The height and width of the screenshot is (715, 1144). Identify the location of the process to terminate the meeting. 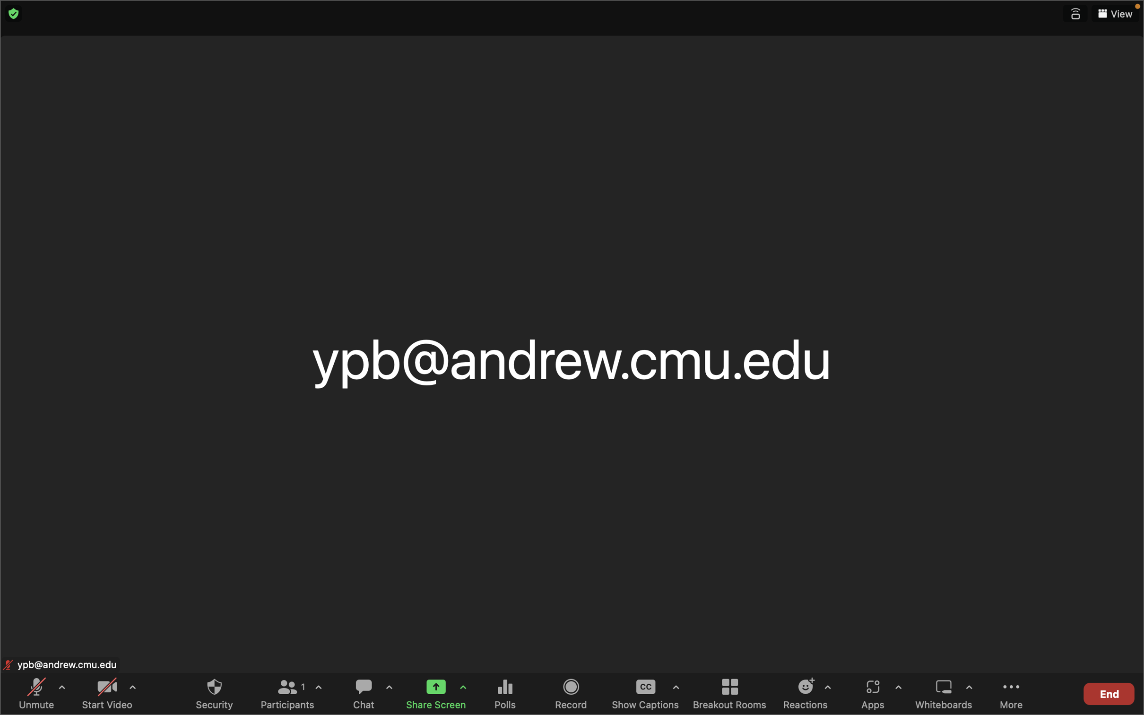
(1108, 692).